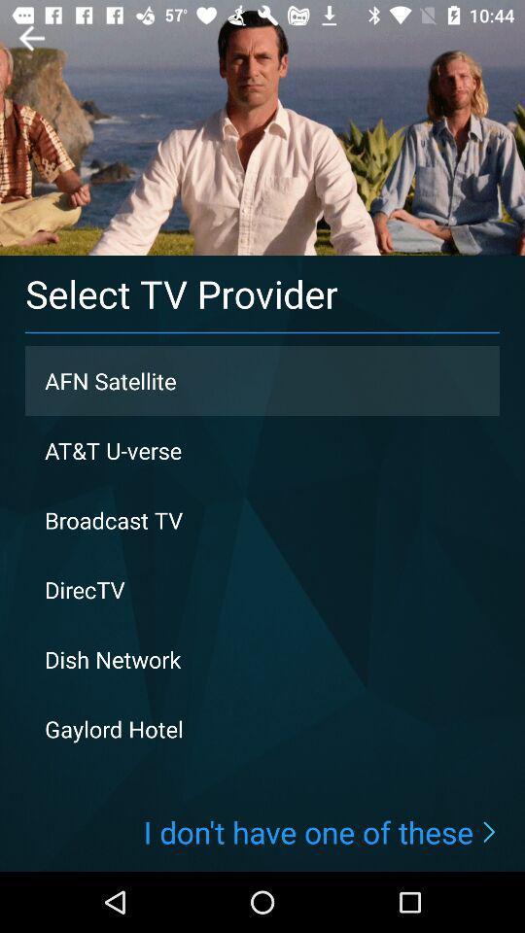 The width and height of the screenshot is (525, 933). I want to click on the arrow_backward icon, so click(30, 37).